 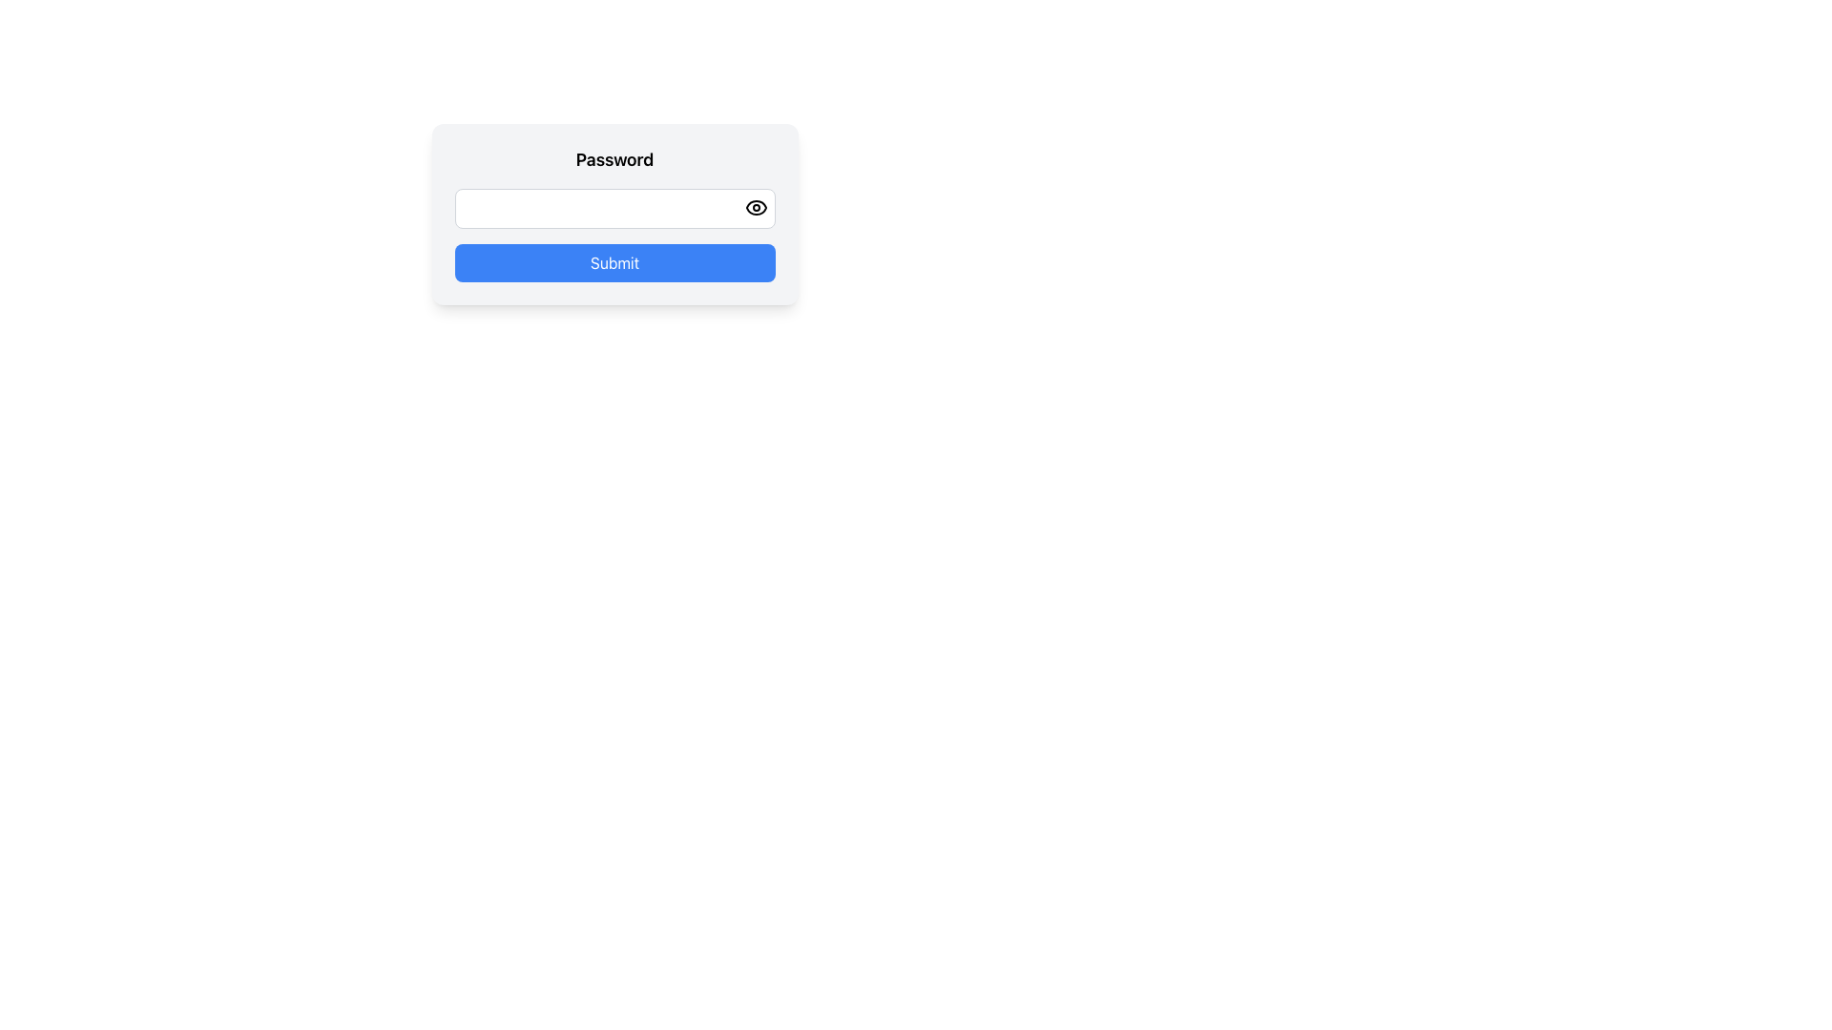 I want to click on the SVG eye icon component that toggles password visibility, so click(x=755, y=208).